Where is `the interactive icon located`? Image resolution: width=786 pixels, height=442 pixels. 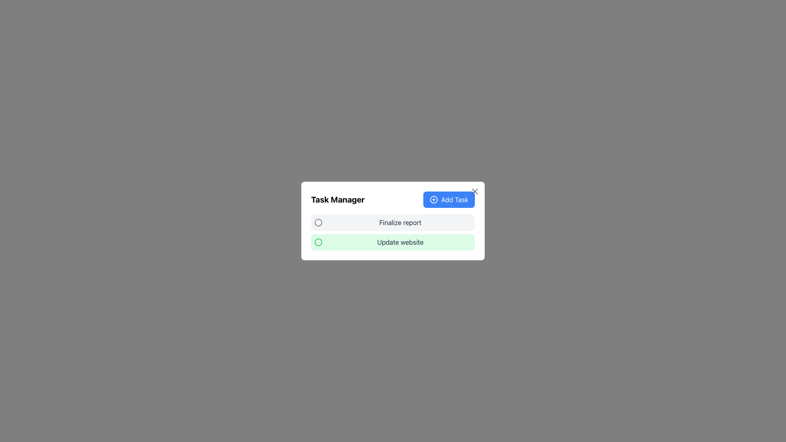
the interactive icon located is located at coordinates (318, 222).